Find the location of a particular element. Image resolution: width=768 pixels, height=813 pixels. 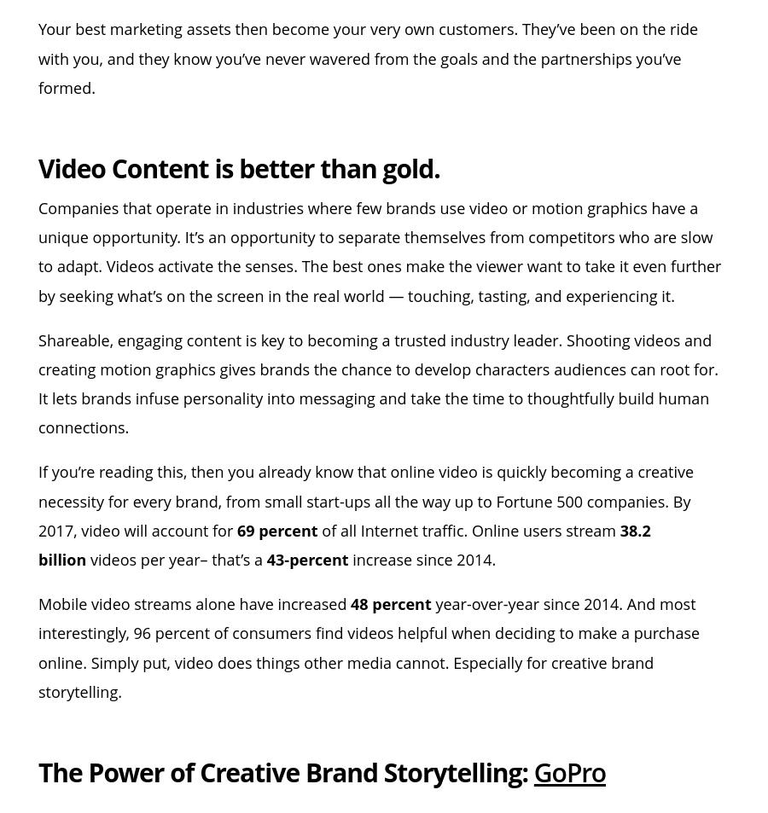

'videos per year– that’s a' is located at coordinates (84, 560).